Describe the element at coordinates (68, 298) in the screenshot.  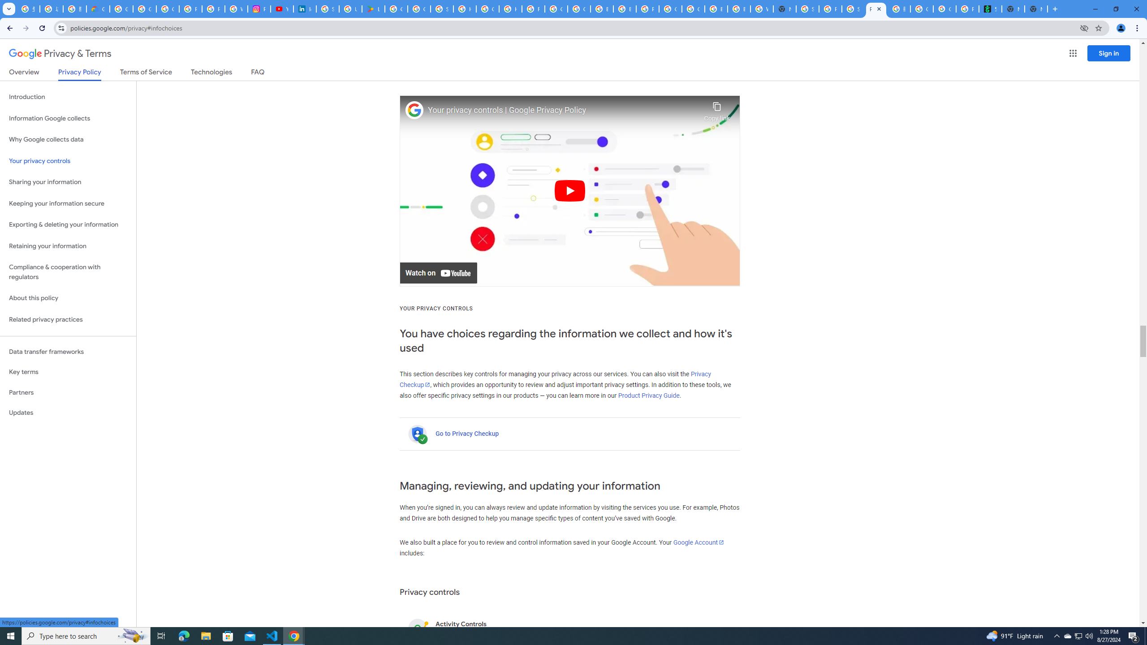
I see `'About this policy'` at that location.